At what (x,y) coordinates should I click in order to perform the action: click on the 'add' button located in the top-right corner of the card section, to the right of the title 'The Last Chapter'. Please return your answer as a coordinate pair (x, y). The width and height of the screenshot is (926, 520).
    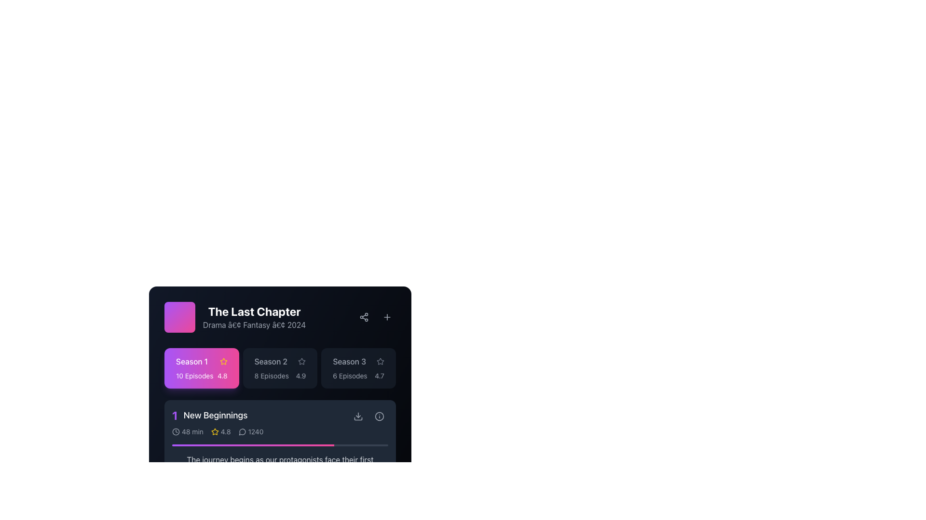
    Looking at the image, I should click on (387, 317).